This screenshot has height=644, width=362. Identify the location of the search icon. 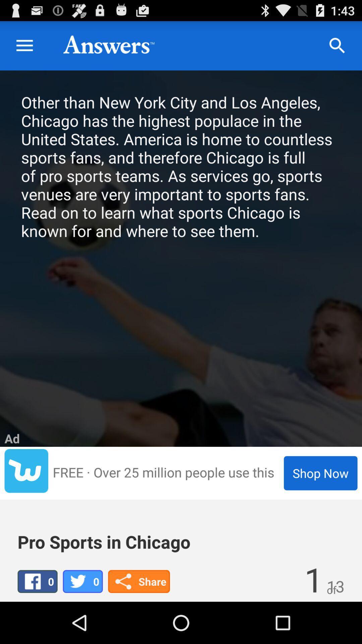
(337, 49).